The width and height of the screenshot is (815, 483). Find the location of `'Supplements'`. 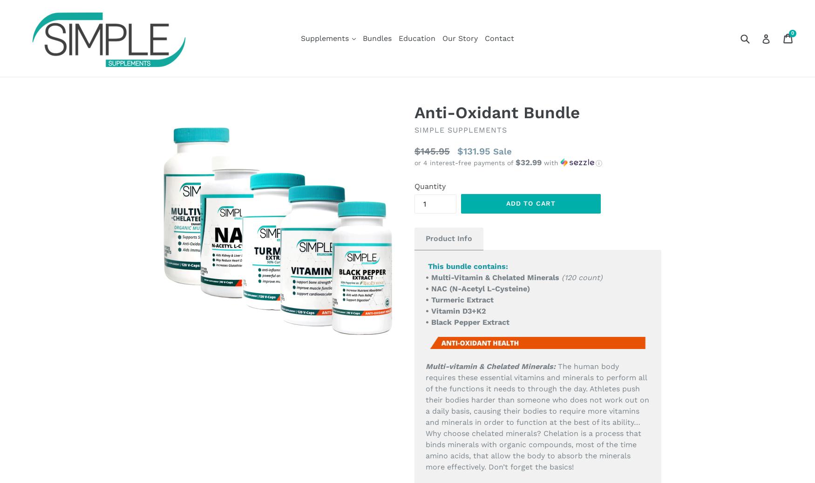

'Supplements' is located at coordinates (326, 37).